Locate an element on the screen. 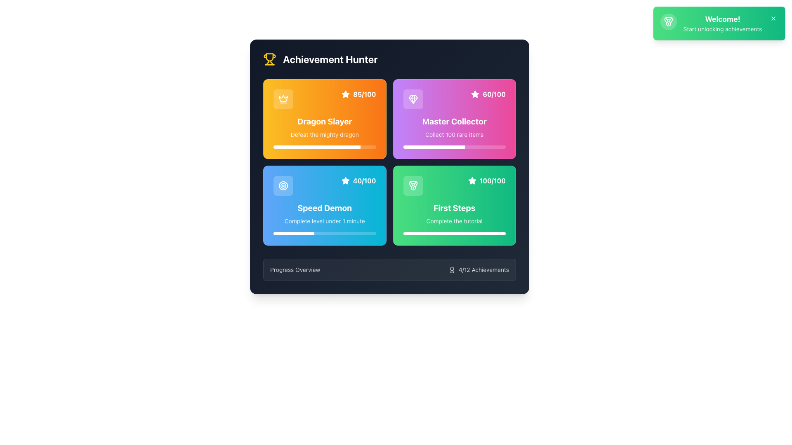 The image size is (792, 445). text displayed in the numerical indicator located in the 'Speed Demon' section of the 'Achievement Hunter' interface, positioned to the right of a star-shaped icon is located at coordinates (364, 180).